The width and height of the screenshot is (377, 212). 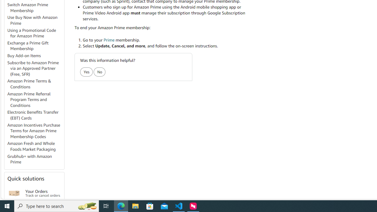 What do you see at coordinates (29, 99) in the screenshot?
I see `'Amazon Prime Referral Program Terms and Conditions'` at bounding box center [29, 99].